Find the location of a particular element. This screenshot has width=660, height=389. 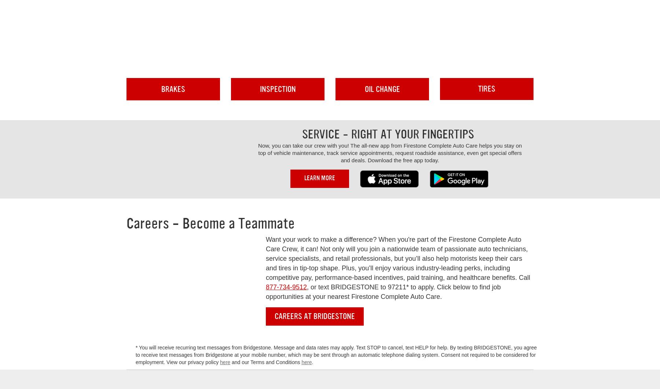

'Careers - Become a Teammate' is located at coordinates (126, 223).